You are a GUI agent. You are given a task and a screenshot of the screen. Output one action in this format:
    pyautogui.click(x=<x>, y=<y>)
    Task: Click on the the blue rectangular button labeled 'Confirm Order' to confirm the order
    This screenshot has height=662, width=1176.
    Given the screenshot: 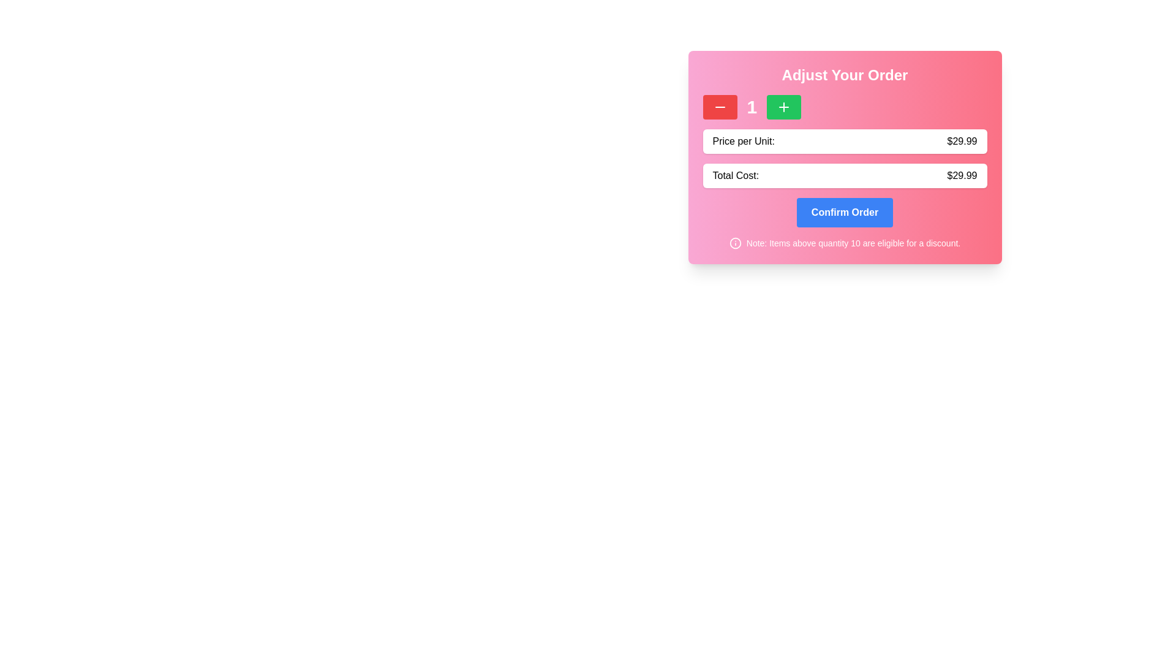 What is the action you would take?
    pyautogui.click(x=844, y=212)
    